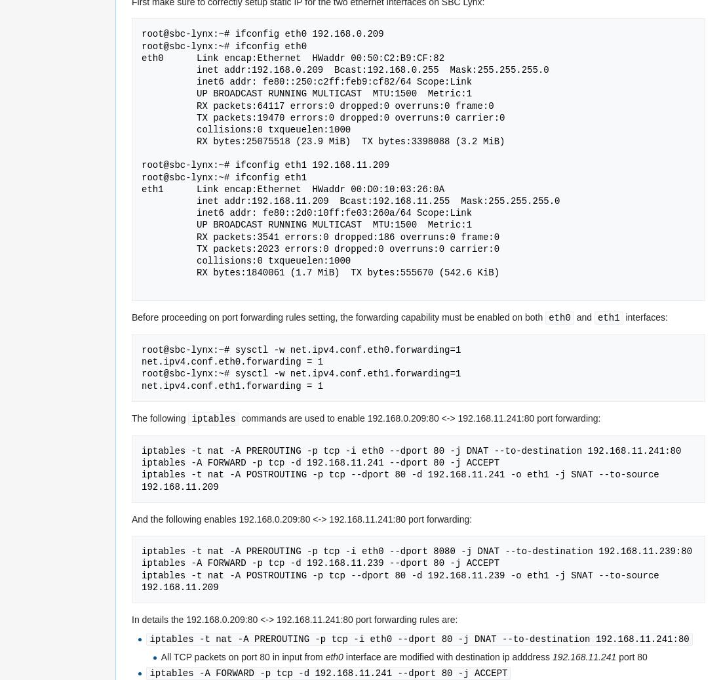 This screenshot has width=721, height=680. Describe the element at coordinates (615, 656) in the screenshot. I see `'port 80'` at that location.